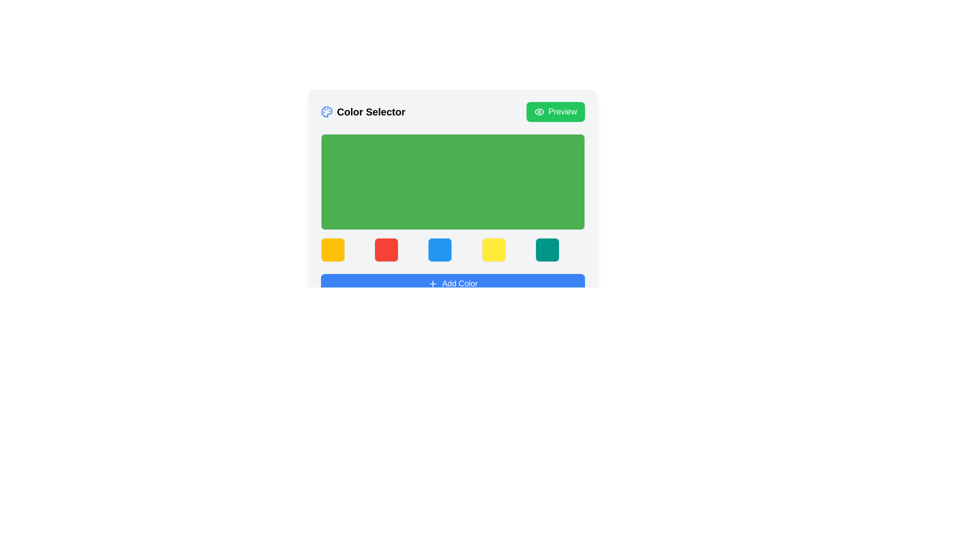 The width and height of the screenshot is (960, 540). What do you see at coordinates (539, 111) in the screenshot?
I see `the outermost elliptical shape of the 'eye' icon located in the top-right corner of the interface` at bounding box center [539, 111].